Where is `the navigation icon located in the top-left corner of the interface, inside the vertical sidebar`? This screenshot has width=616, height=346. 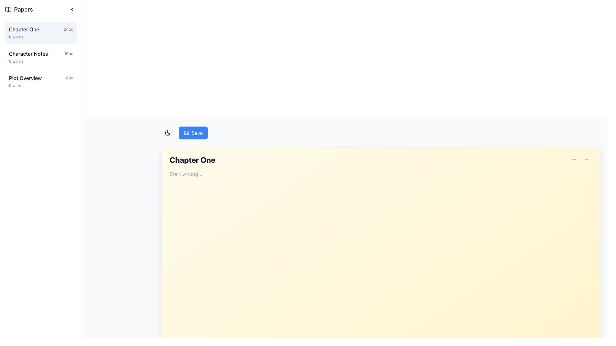
the navigation icon located in the top-left corner of the interface, inside the vertical sidebar is located at coordinates (72, 10).